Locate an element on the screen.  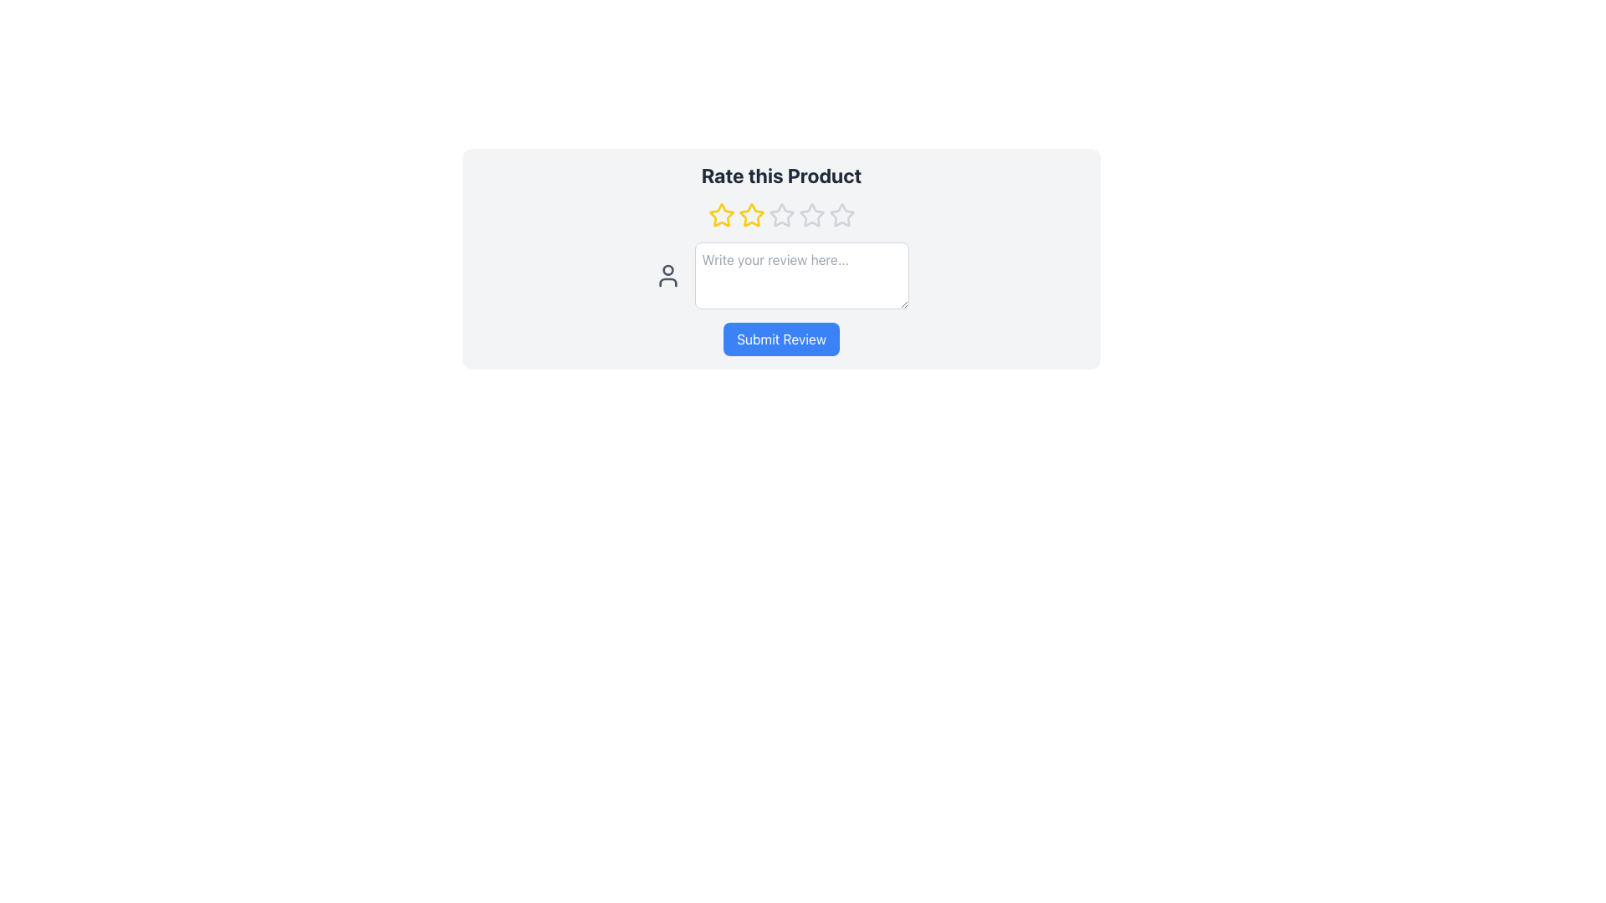
the user profile icon, which is the first element in a horizontal group, located to the left of the 'Write your review here...' input box is located at coordinates (667, 275).